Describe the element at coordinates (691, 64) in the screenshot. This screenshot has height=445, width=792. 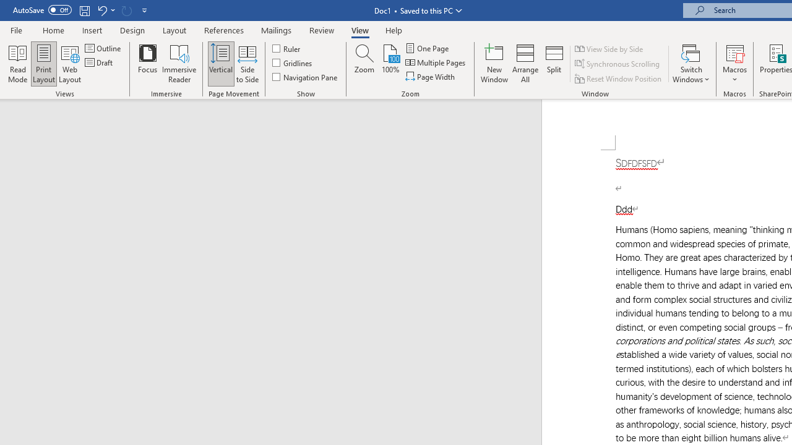
I see `'Switch Windows'` at that location.